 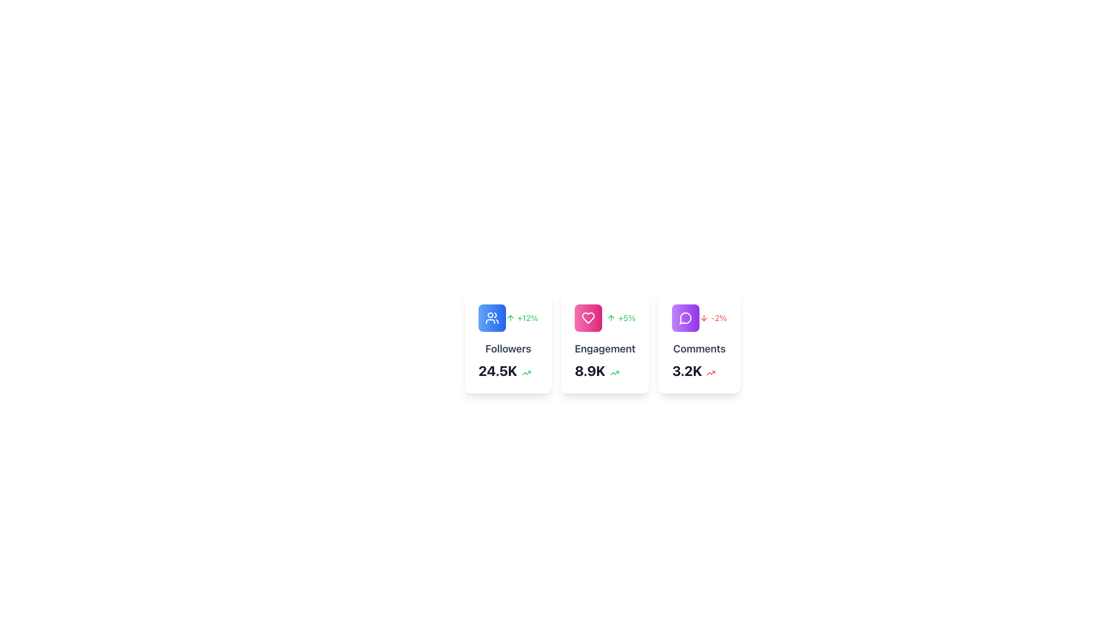 I want to click on the icon depicting two user silhouettes, which is located at the center of the leftmost 'Followers' card, so click(x=492, y=318).